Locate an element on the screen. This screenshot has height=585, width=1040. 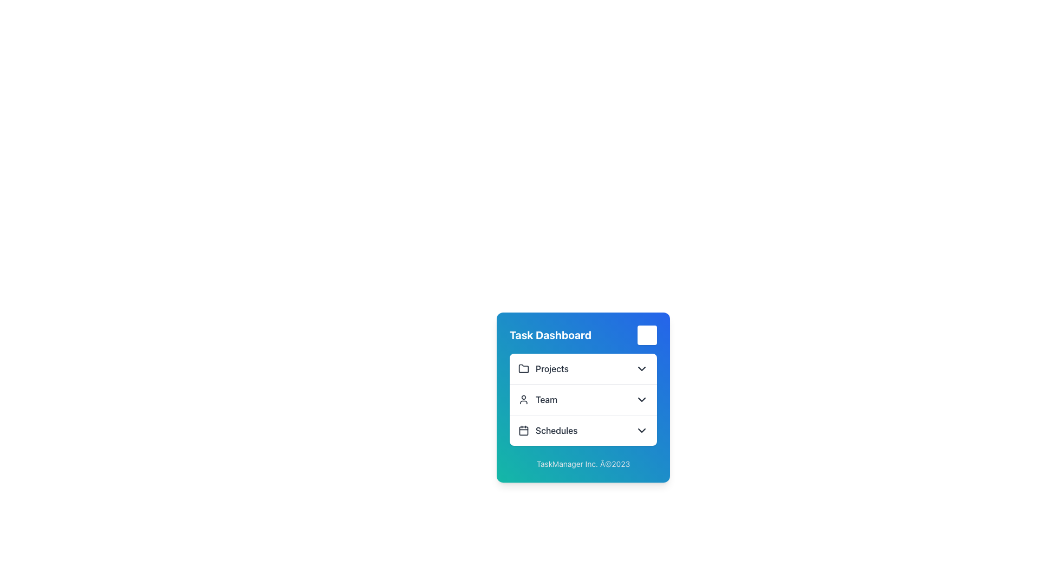
the small black person icon in the second row of the menu list in the 'Task Dashboard' area is located at coordinates (523, 399).